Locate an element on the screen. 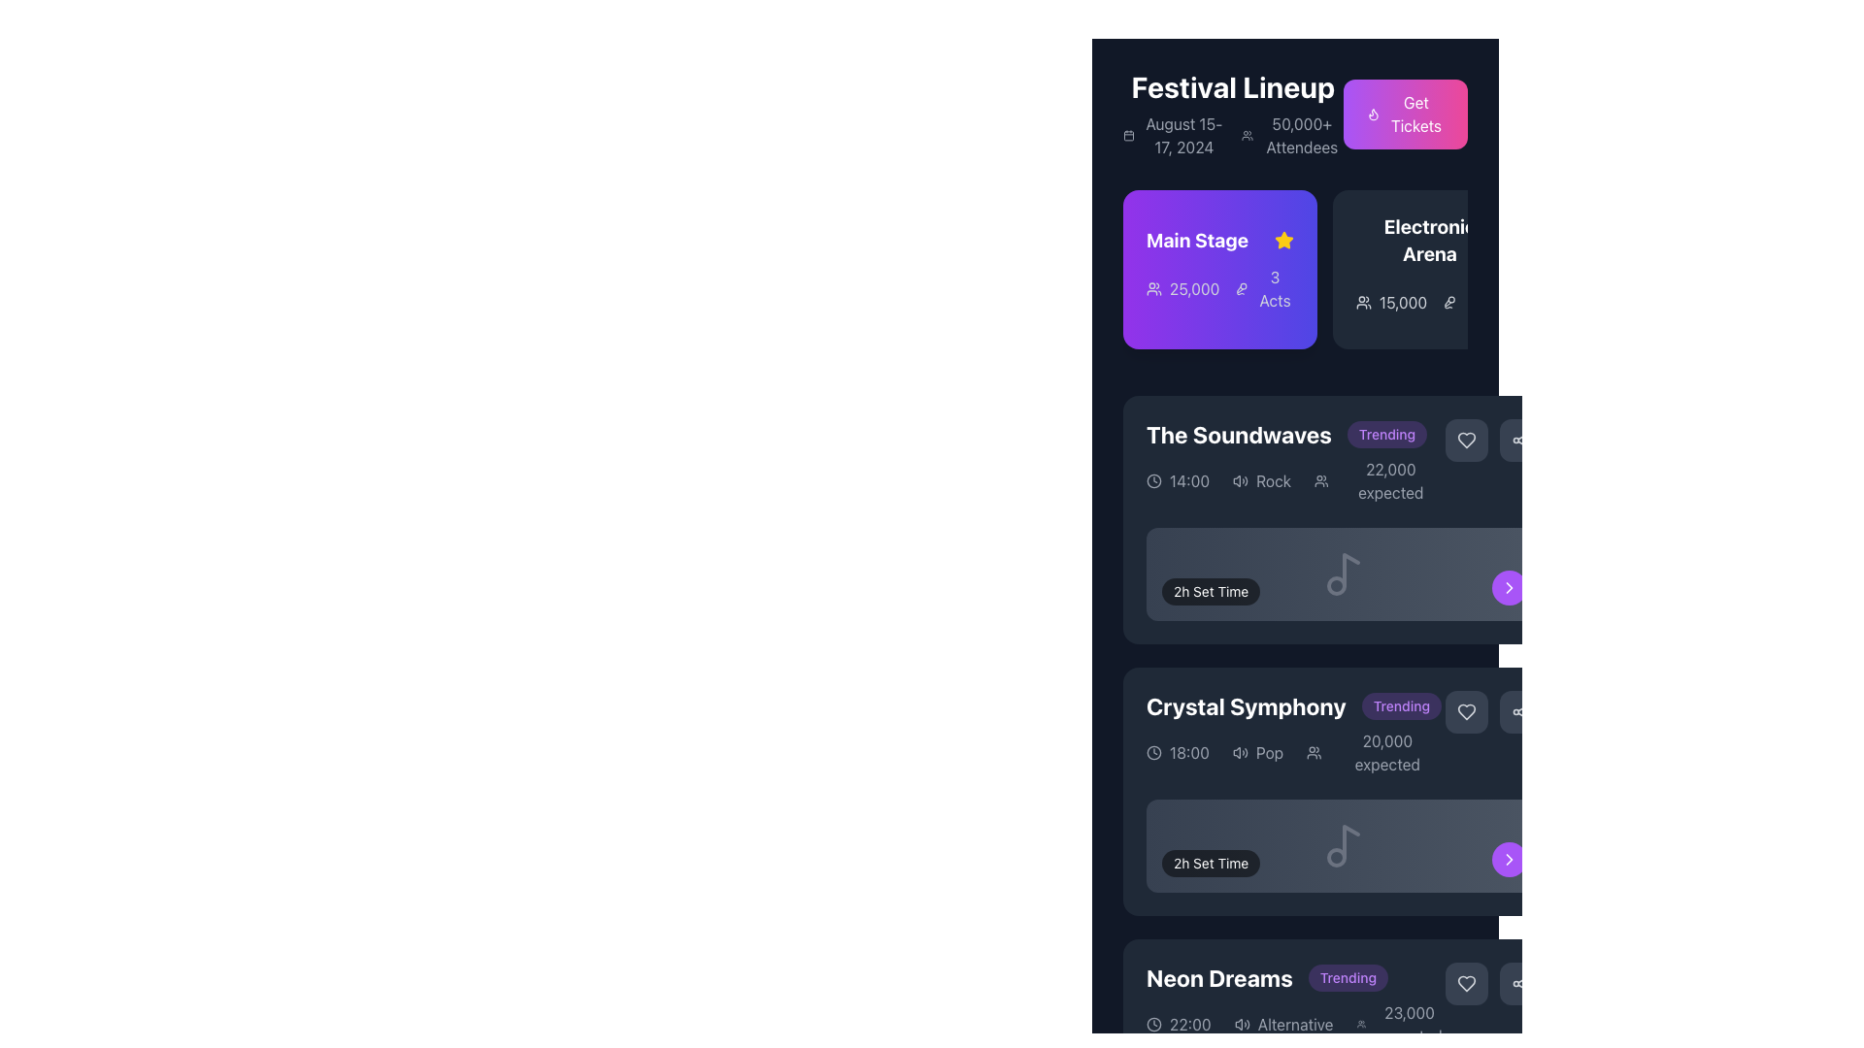 The width and height of the screenshot is (1864, 1048). the text label displaying the word 'Rock', which is in white font on a dark background, located in the middle-right section under 'The Soundwaves' section is located at coordinates (1274, 480).